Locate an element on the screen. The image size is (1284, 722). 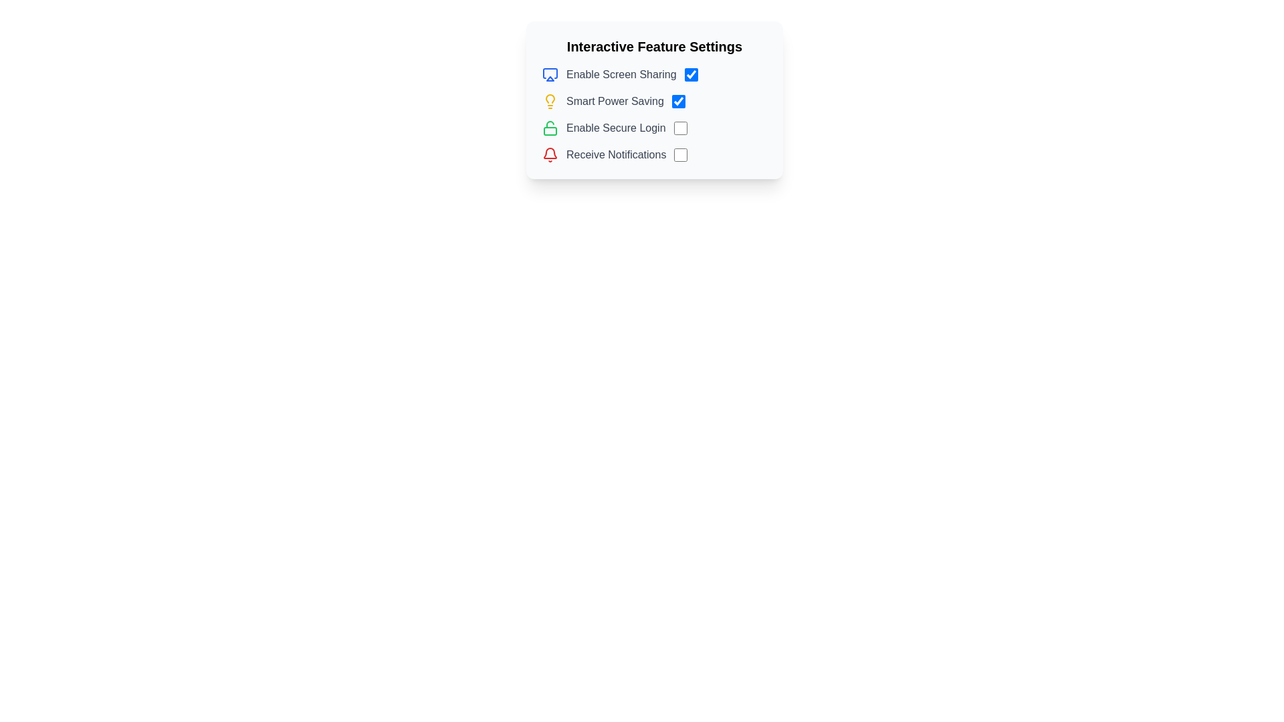
the checkbox for toggling the activation of the 'Smart Power Saving' feature is located at coordinates (678, 100).